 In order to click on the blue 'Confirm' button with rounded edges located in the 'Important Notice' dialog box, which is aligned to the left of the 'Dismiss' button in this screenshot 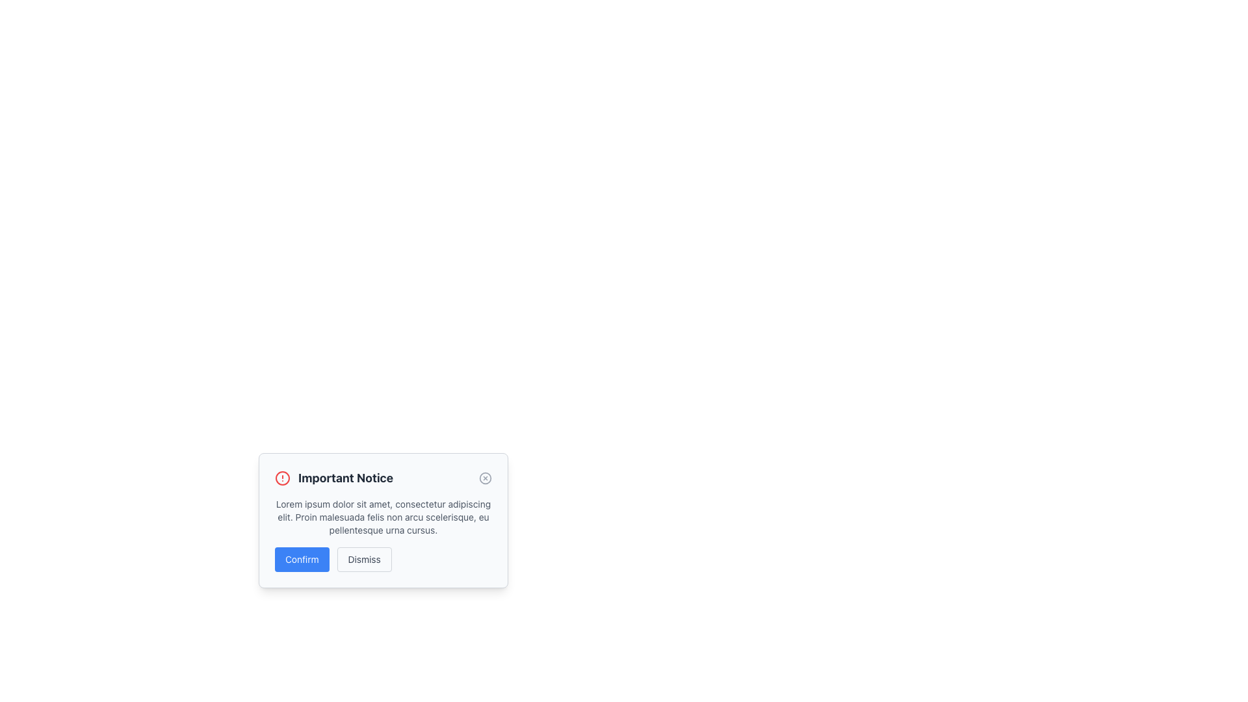, I will do `click(301, 558)`.